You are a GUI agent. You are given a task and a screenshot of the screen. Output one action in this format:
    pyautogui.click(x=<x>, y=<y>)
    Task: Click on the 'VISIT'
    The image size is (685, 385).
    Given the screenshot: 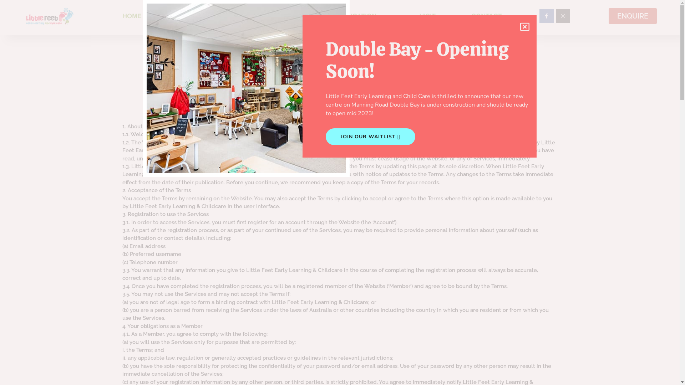 What is the action you would take?
    pyautogui.click(x=404, y=16)
    